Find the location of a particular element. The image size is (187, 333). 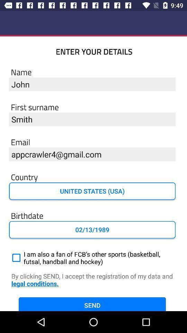

i am also is located at coordinates (92, 257).